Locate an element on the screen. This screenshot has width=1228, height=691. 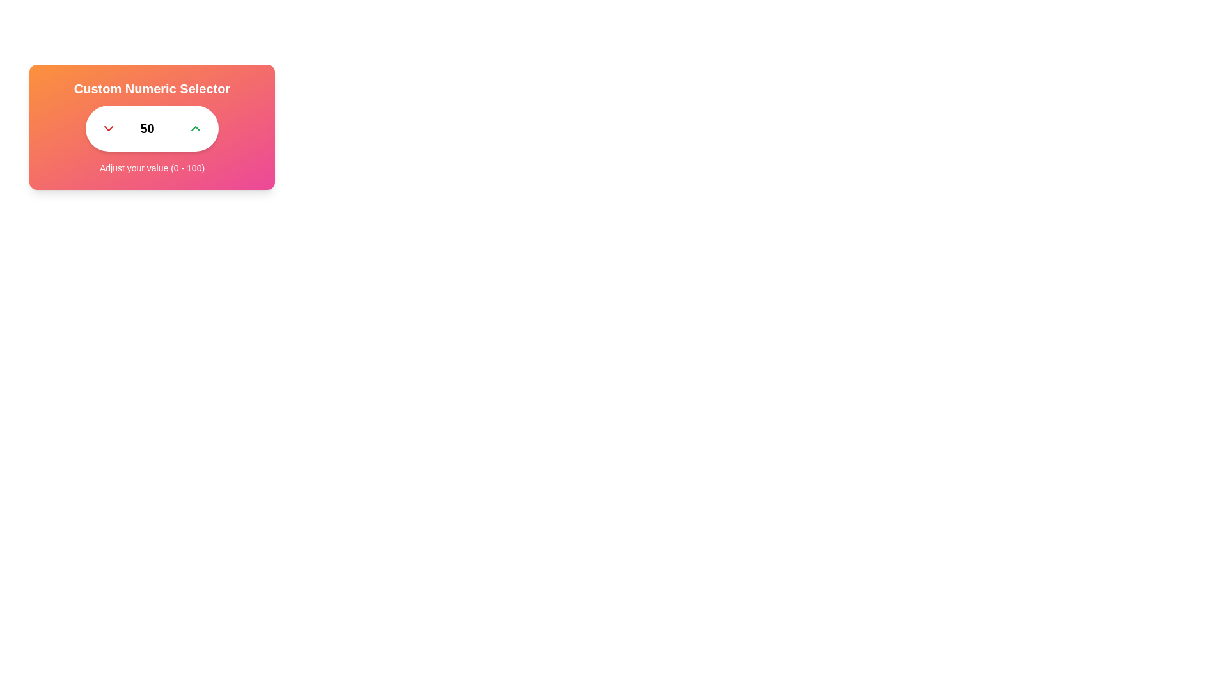
the small upward arrow icon within the green circular button, which is the increment button located to the right of the numeric selector input field is located at coordinates (195, 128).